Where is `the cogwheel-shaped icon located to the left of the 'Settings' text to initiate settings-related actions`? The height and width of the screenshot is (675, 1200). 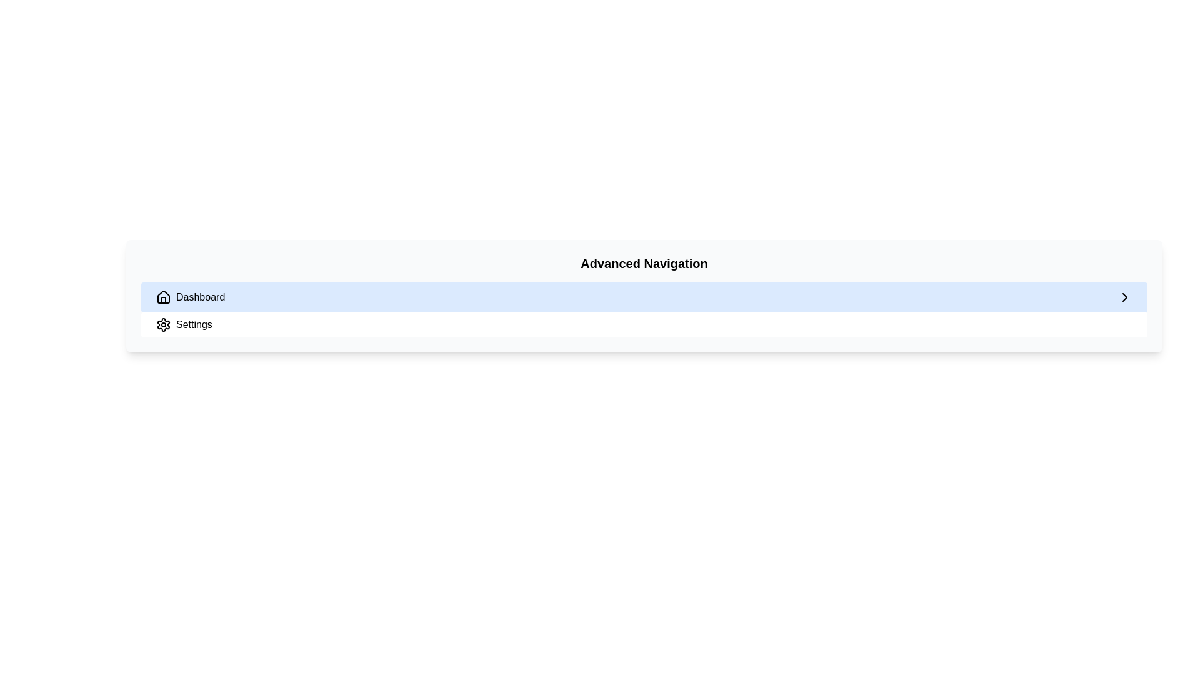
the cogwheel-shaped icon located to the left of the 'Settings' text to initiate settings-related actions is located at coordinates (163, 324).